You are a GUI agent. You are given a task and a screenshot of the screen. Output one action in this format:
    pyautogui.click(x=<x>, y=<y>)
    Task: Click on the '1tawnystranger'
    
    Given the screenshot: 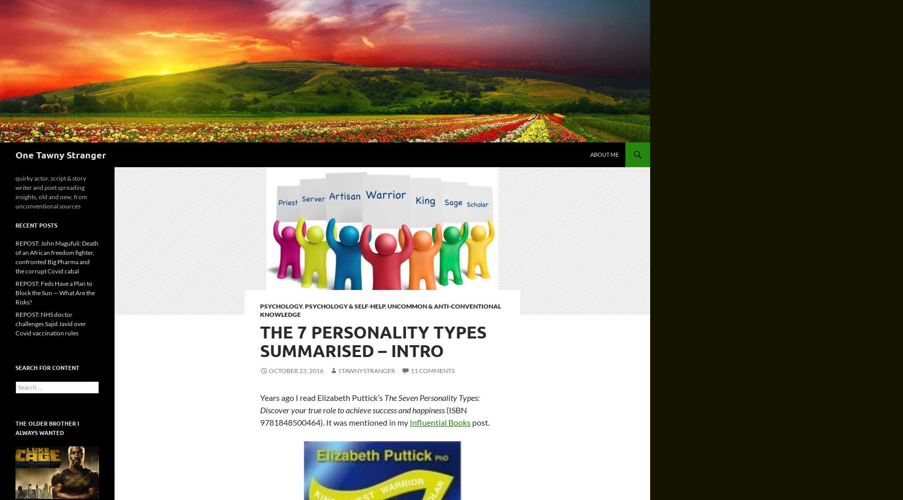 What is the action you would take?
    pyautogui.click(x=366, y=370)
    